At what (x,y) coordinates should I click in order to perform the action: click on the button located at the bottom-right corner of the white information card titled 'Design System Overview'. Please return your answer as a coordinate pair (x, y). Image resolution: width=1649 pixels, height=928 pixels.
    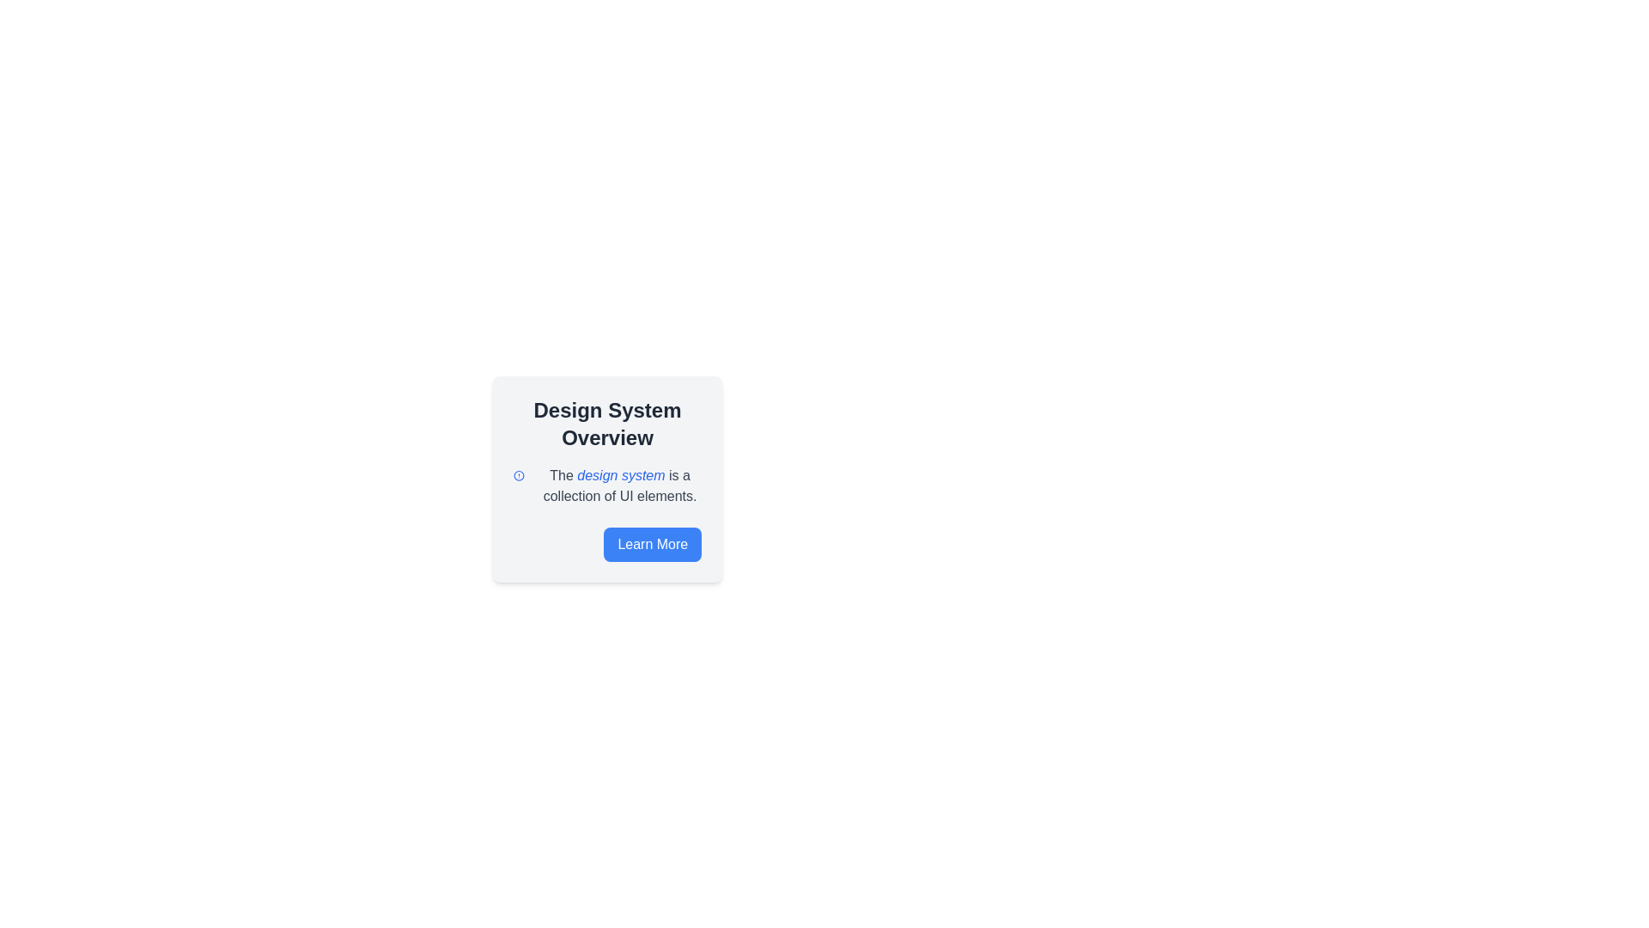
    Looking at the image, I should click on (652, 544).